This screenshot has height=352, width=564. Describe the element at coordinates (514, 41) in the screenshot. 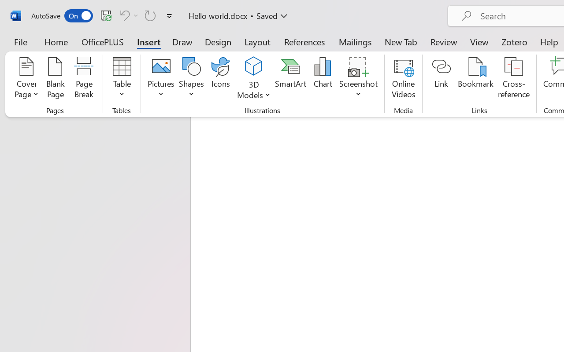

I see `'Zotero'` at that location.